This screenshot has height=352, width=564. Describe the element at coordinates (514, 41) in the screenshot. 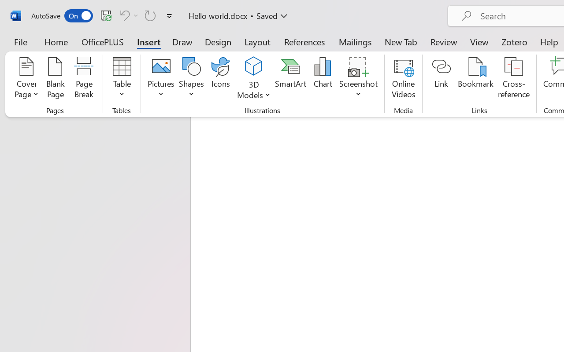

I see `'Zotero'` at that location.